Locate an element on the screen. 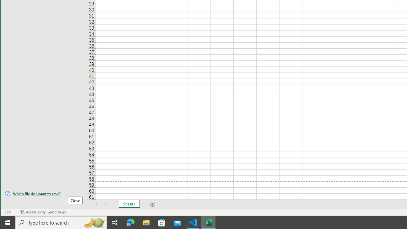 This screenshot has height=229, width=407. 'Add Sheet' is located at coordinates (153, 204).